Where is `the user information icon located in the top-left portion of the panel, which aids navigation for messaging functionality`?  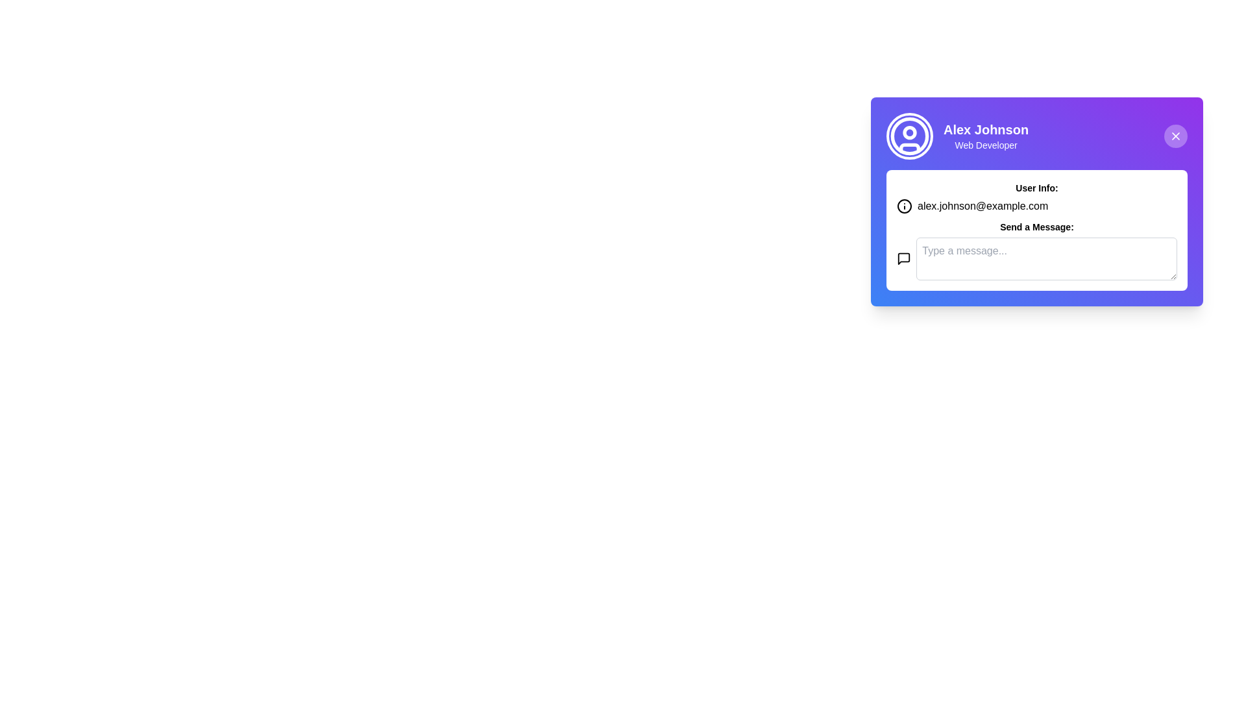
the user information icon located in the top-left portion of the panel, which aids navigation for messaging functionality is located at coordinates (903, 258).